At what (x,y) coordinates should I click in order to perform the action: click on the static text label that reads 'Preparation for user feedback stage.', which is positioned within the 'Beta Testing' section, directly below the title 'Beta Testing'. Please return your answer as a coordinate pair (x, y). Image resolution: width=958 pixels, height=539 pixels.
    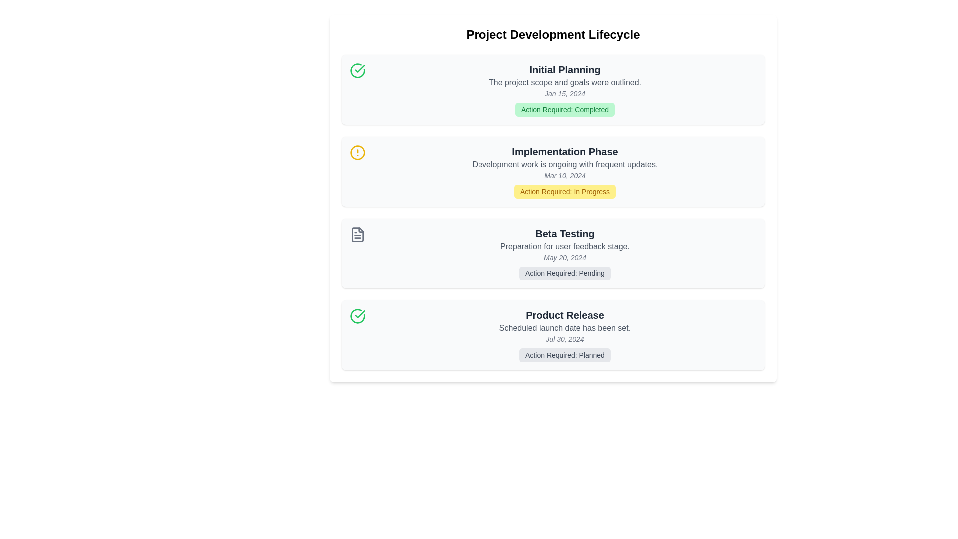
    Looking at the image, I should click on (565, 246).